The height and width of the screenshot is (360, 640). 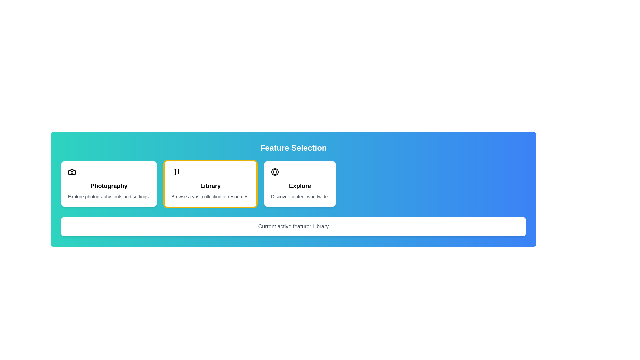 What do you see at coordinates (210, 186) in the screenshot?
I see `the Text Header located within the second card of three, positioned below an icon` at bounding box center [210, 186].